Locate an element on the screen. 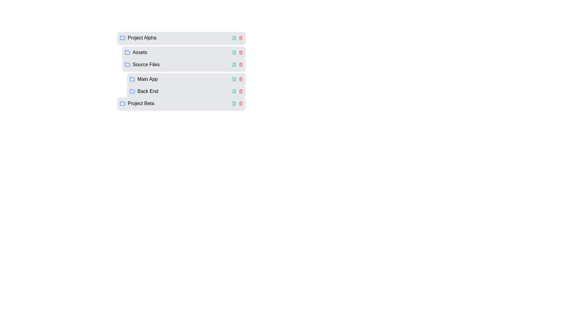  the 'Project Alpha' text label with a blue folder icon, which is the top-most entry in a vertically stacked list of items is located at coordinates (138, 38).